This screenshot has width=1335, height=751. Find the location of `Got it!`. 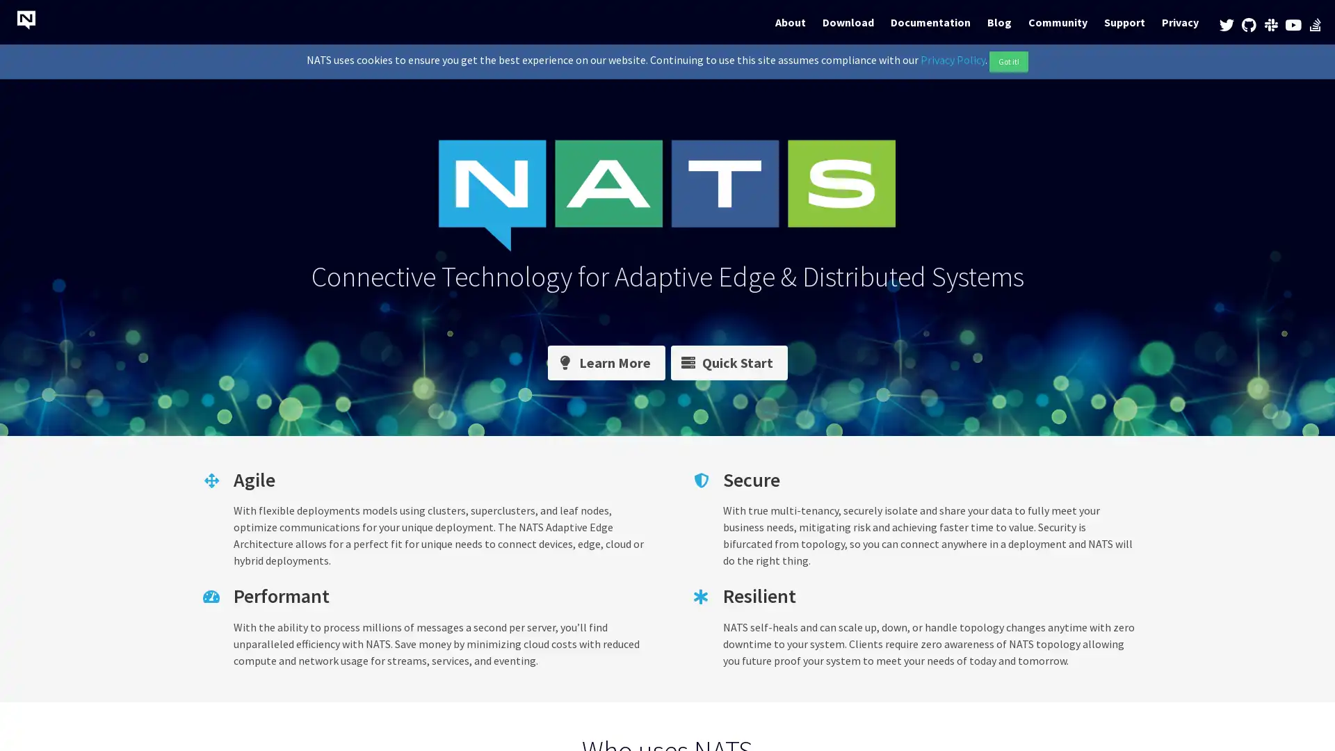

Got it! is located at coordinates (1008, 60).